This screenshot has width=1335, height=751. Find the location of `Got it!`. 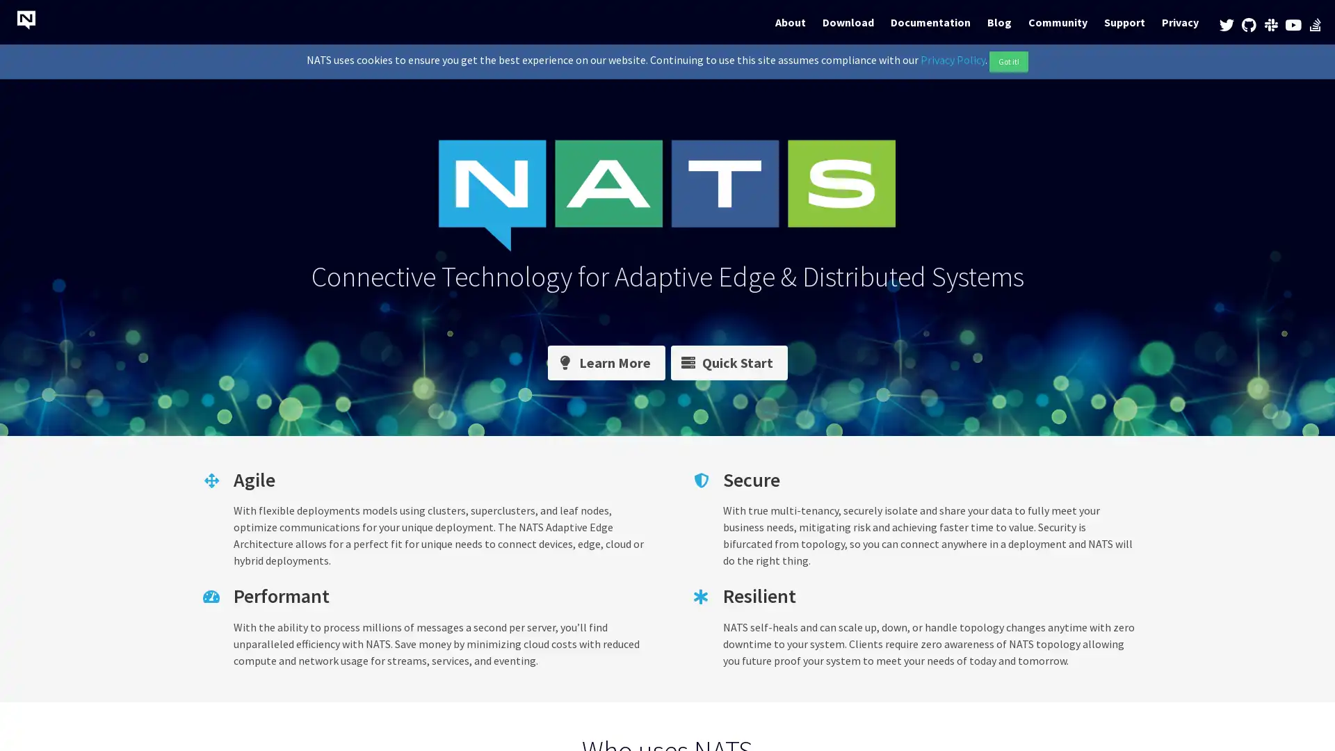

Got it! is located at coordinates (1008, 60).